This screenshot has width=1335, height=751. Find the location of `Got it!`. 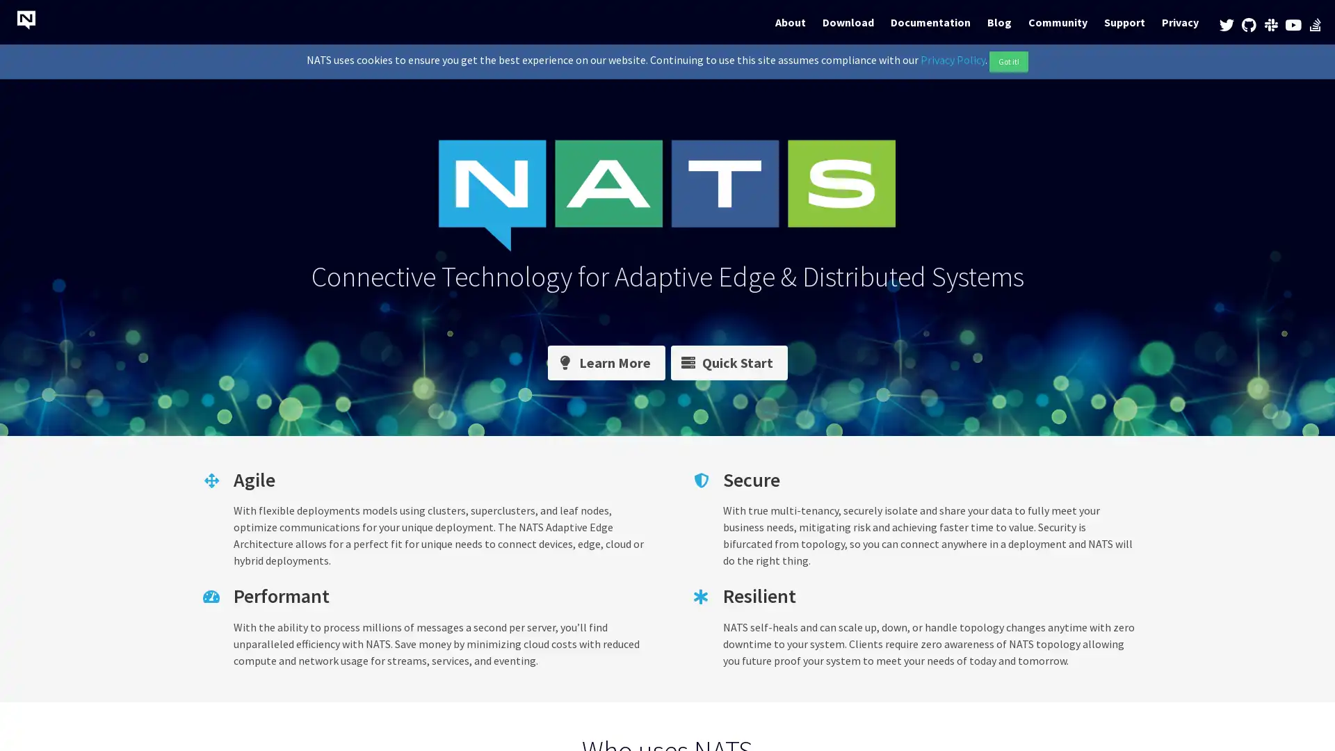

Got it! is located at coordinates (1008, 60).